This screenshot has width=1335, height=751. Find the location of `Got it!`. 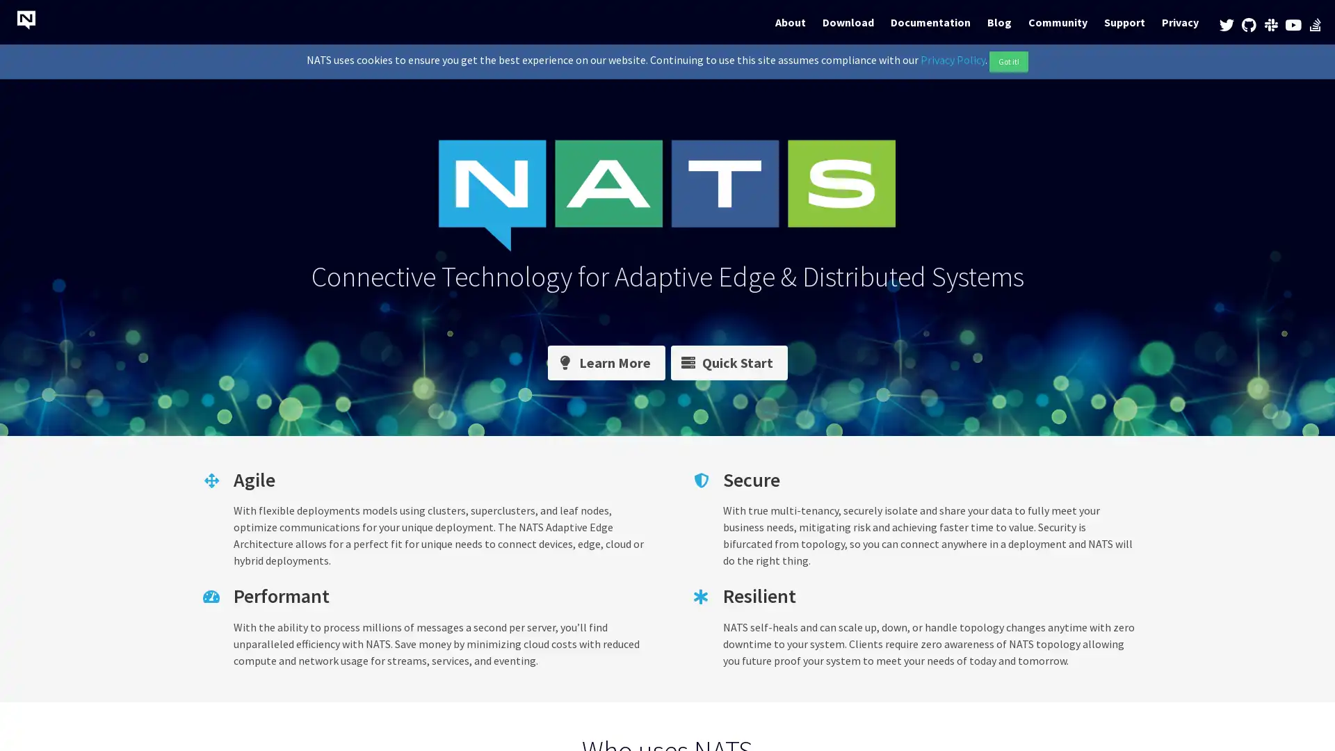

Got it! is located at coordinates (1008, 60).